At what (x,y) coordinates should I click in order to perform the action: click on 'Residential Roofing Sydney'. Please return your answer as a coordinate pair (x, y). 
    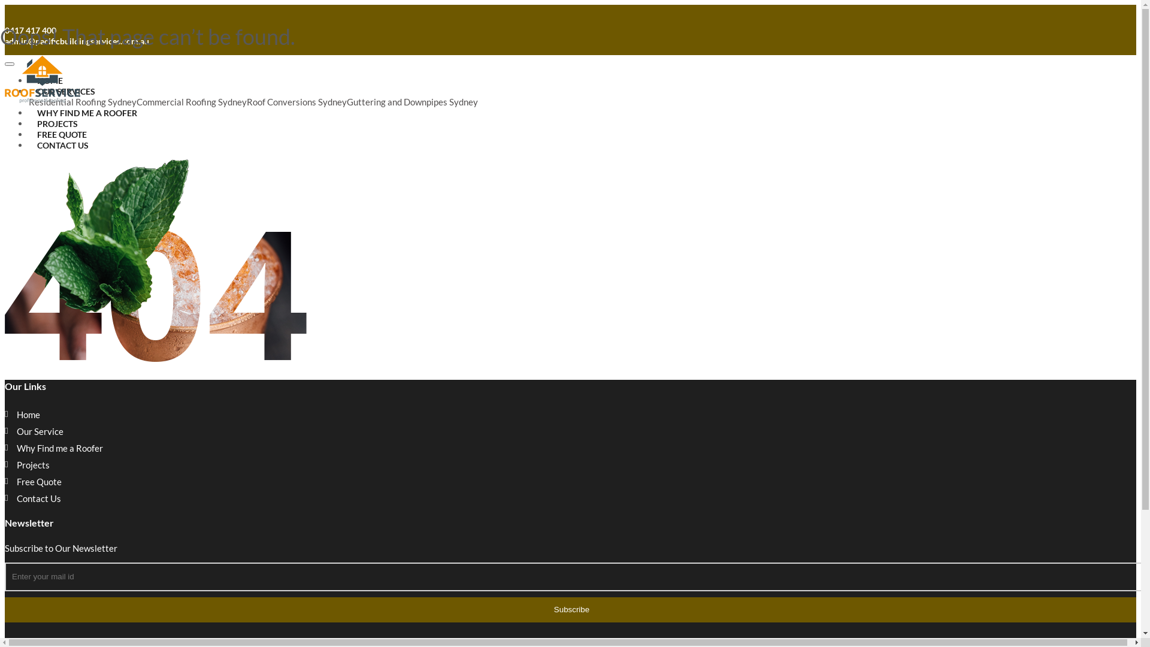
    Looking at the image, I should click on (82, 101).